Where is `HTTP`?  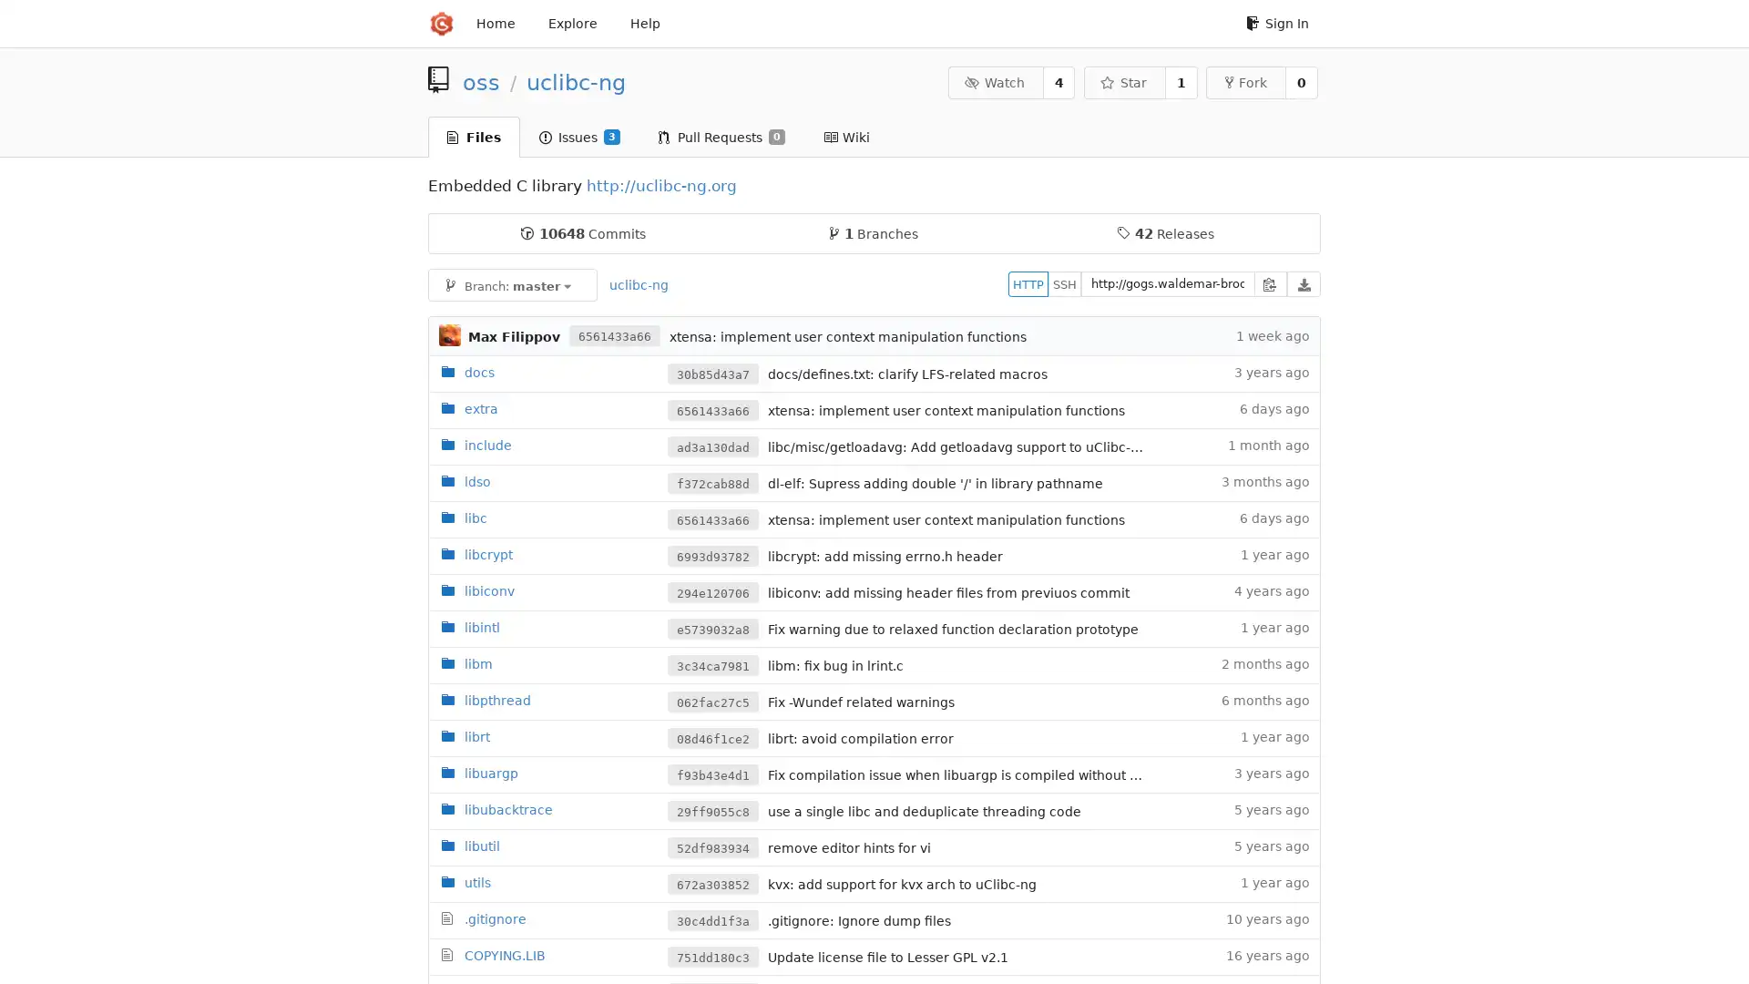
HTTP is located at coordinates (1028, 283).